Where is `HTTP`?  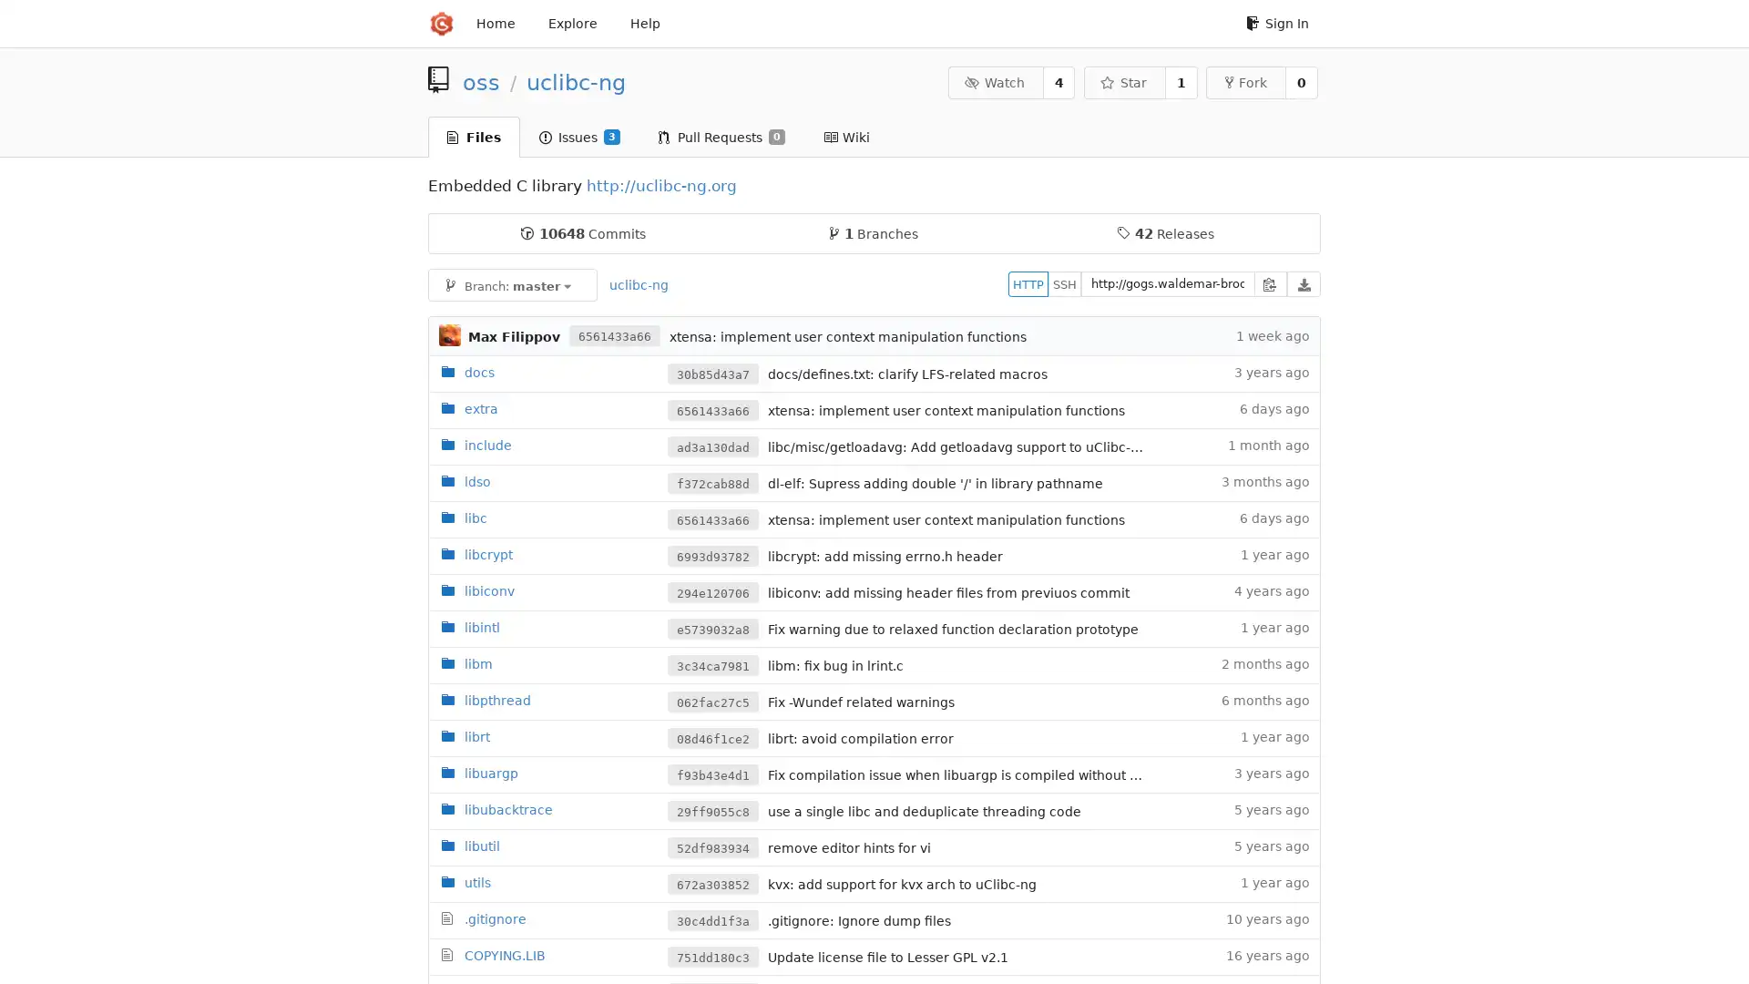
HTTP is located at coordinates (1028, 283).